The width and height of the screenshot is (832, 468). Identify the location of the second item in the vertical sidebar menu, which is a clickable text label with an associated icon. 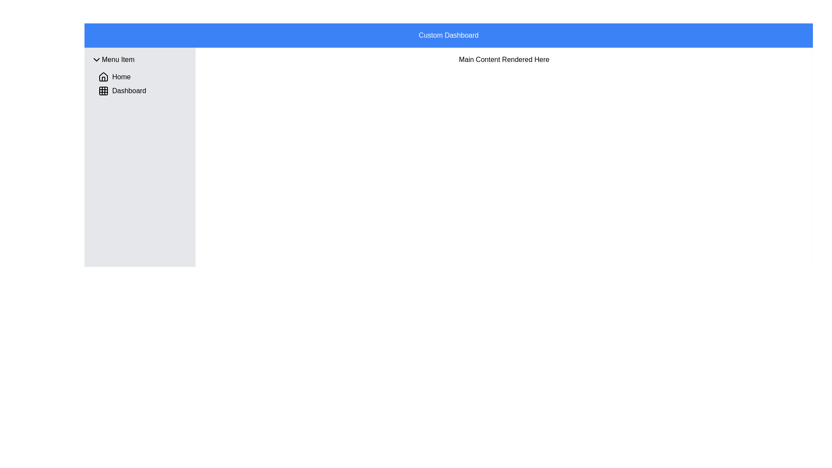
(143, 91).